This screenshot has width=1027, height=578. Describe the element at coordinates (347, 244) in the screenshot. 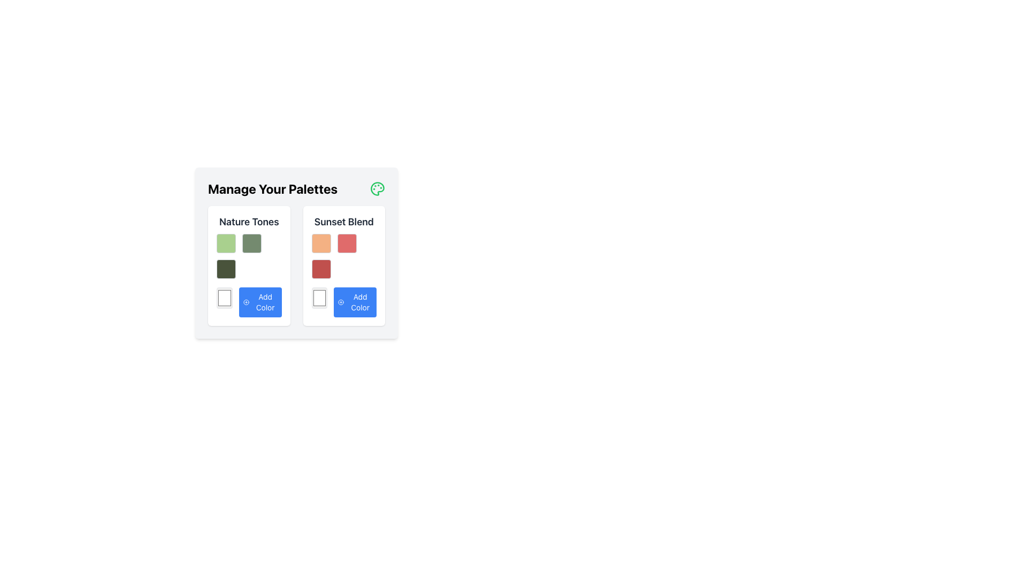

I see `the second color swatch` at that location.